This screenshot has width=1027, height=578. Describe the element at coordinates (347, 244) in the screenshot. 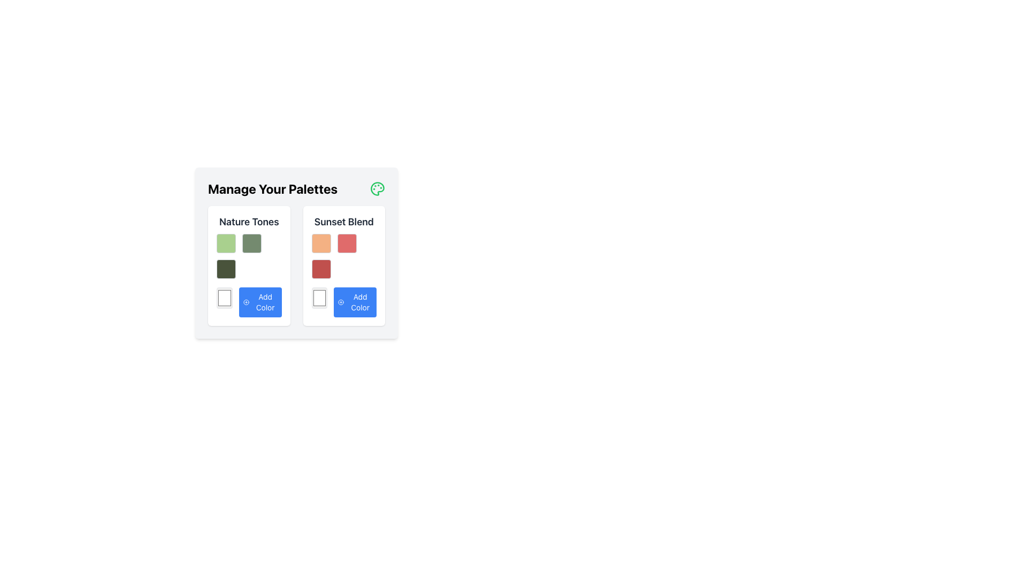

I see `the second color swatch` at that location.